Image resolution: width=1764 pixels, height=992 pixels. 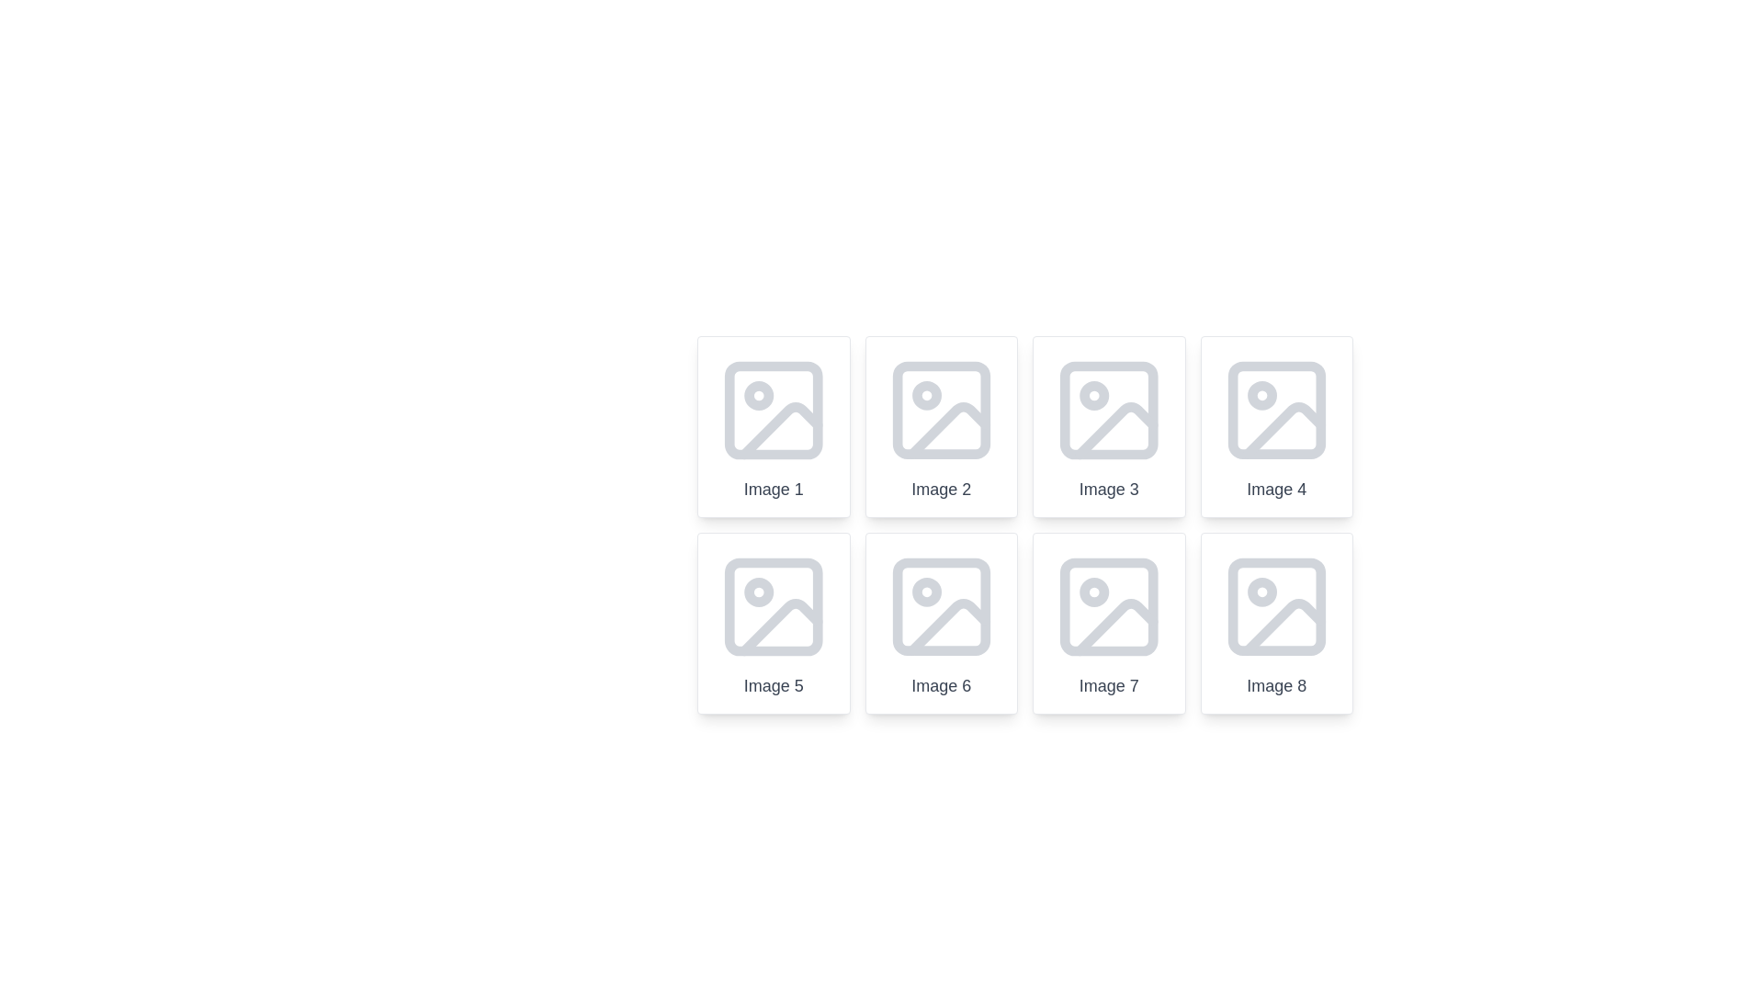 What do you see at coordinates (774, 488) in the screenshot?
I see `the text label located at the bottom-middle of the first card in the top-left corner of a 4x2 grid layout, which serves as a caption or identifier for the associated image` at bounding box center [774, 488].